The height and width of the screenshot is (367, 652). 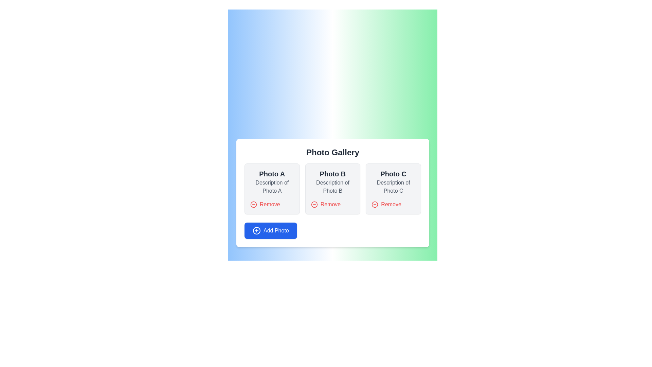 What do you see at coordinates (393, 189) in the screenshot?
I see `the Card element displaying 'Photo C' with a 'Remove' button styled in red text, located in the third column of the grid layout` at bounding box center [393, 189].